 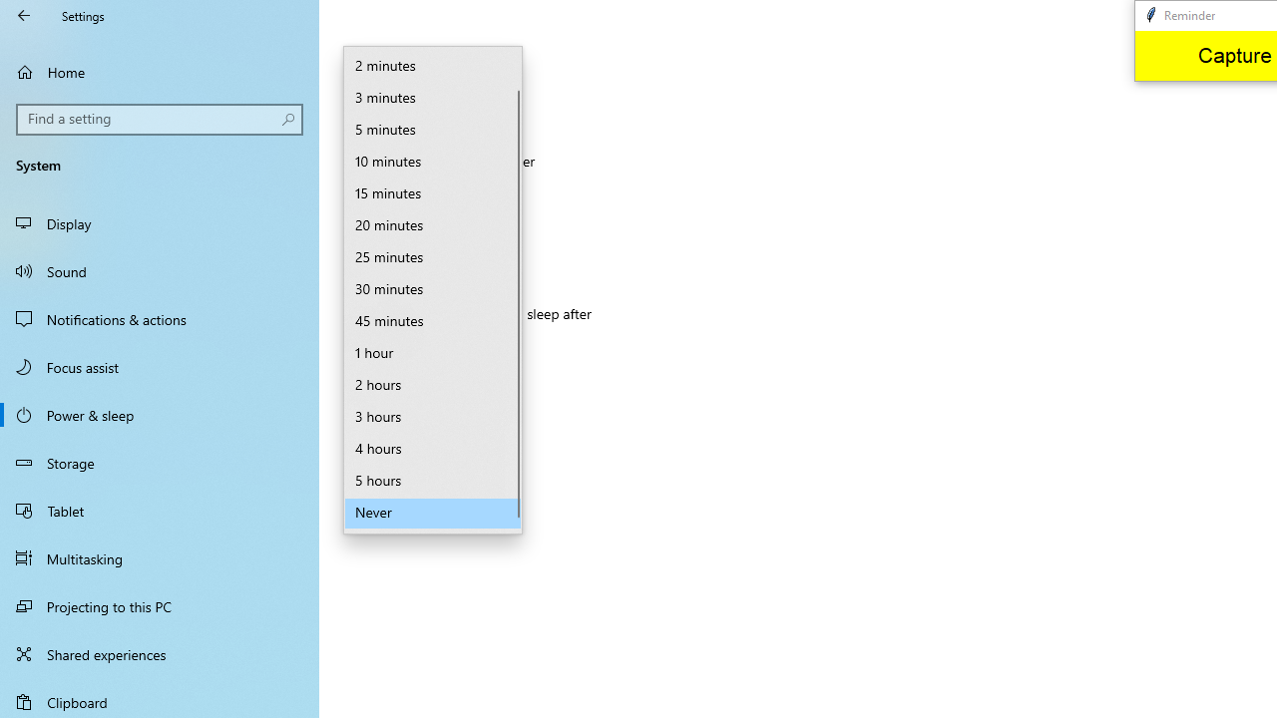 What do you see at coordinates (160, 318) in the screenshot?
I see `'Notifications & actions'` at bounding box center [160, 318].